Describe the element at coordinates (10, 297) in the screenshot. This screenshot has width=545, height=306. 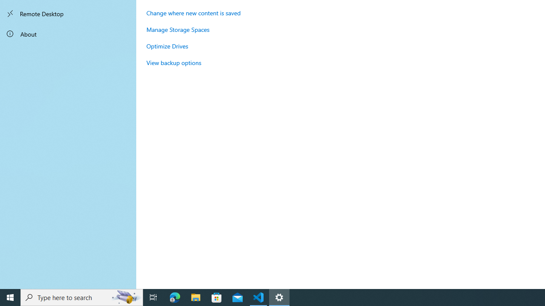
I see `'Start'` at that location.